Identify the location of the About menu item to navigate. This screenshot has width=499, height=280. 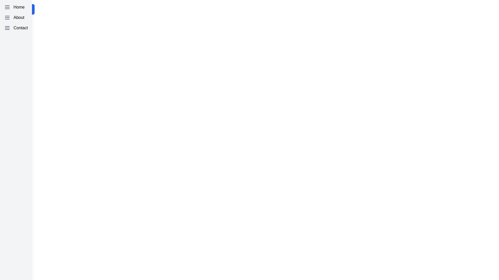
(16, 17).